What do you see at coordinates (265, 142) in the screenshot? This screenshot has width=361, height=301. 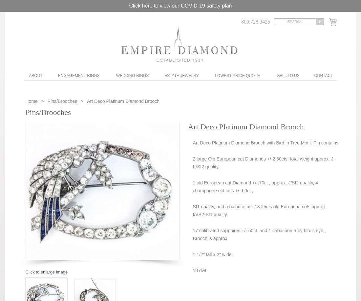 I see `'Art Deco Platinum Diamond Brooch with Bird in Tree Motif. Pin contains'` at bounding box center [265, 142].